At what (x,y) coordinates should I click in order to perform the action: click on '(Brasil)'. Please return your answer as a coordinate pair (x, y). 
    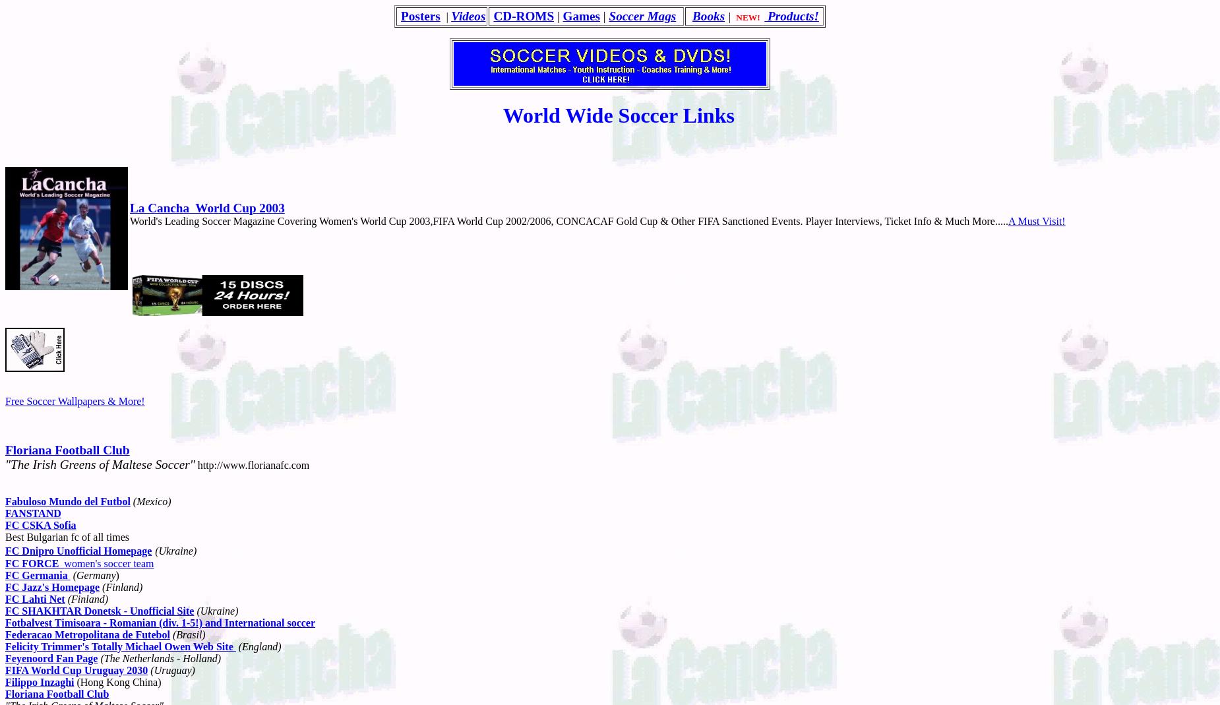
    Looking at the image, I should click on (188, 633).